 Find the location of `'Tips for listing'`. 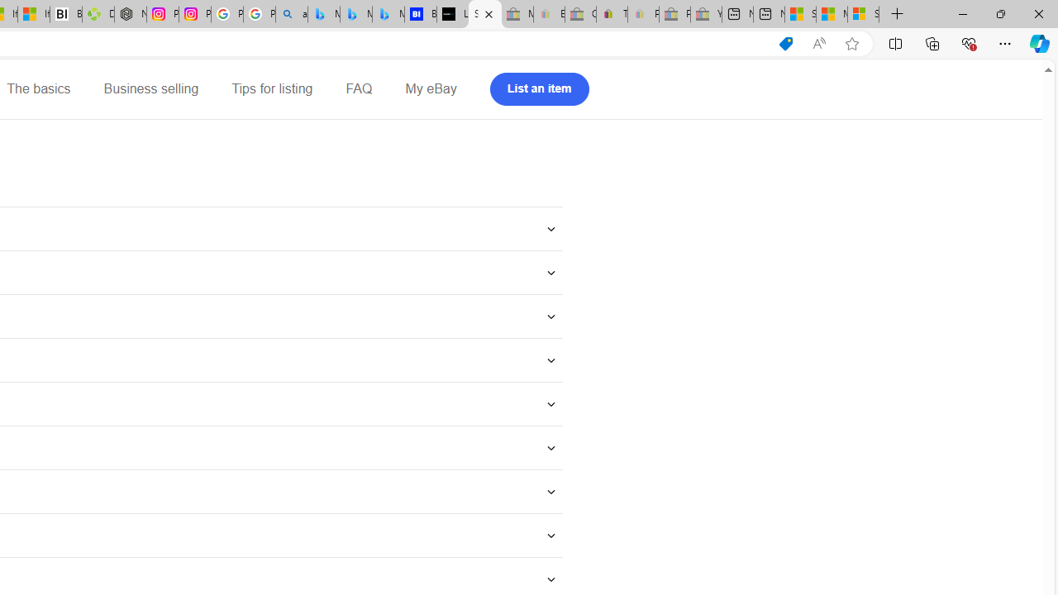

'Tips for listing' is located at coordinates (272, 89).